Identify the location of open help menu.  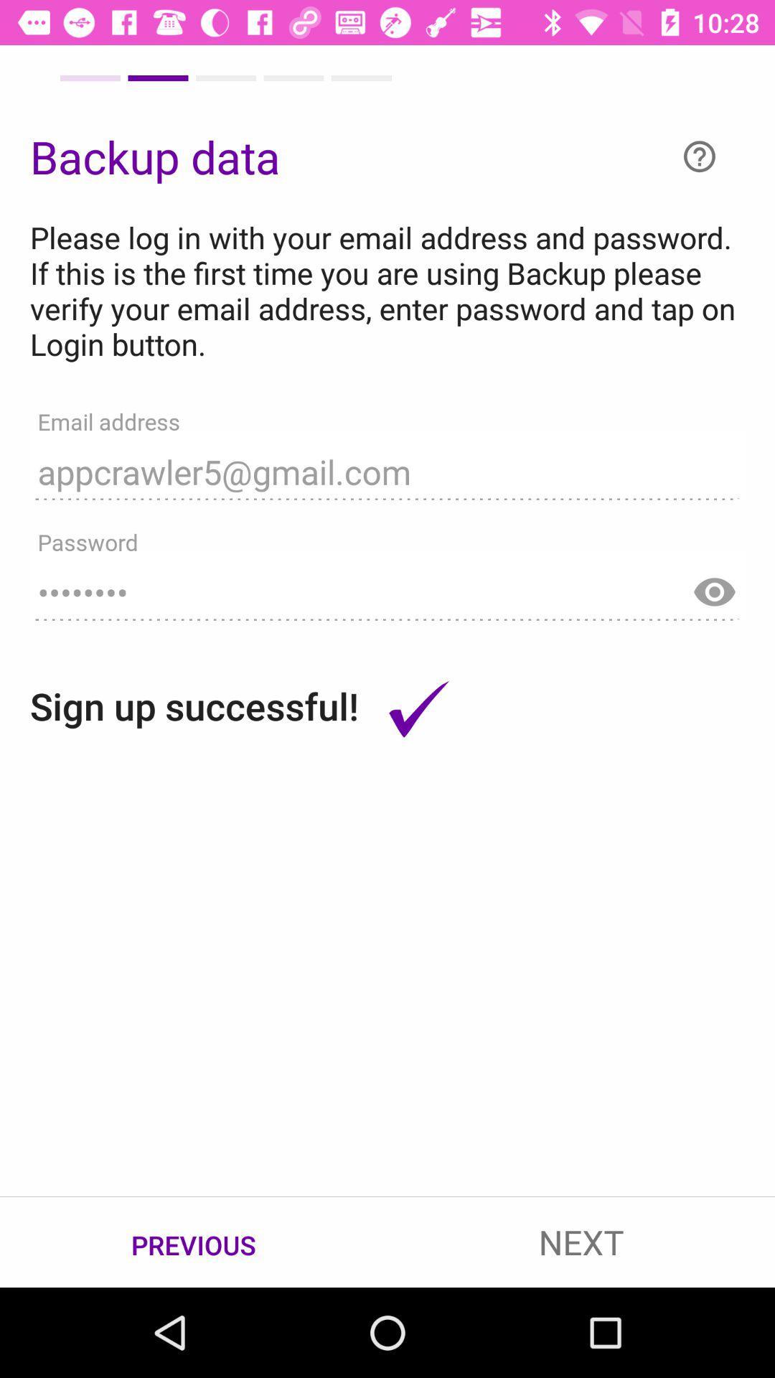
(699, 156).